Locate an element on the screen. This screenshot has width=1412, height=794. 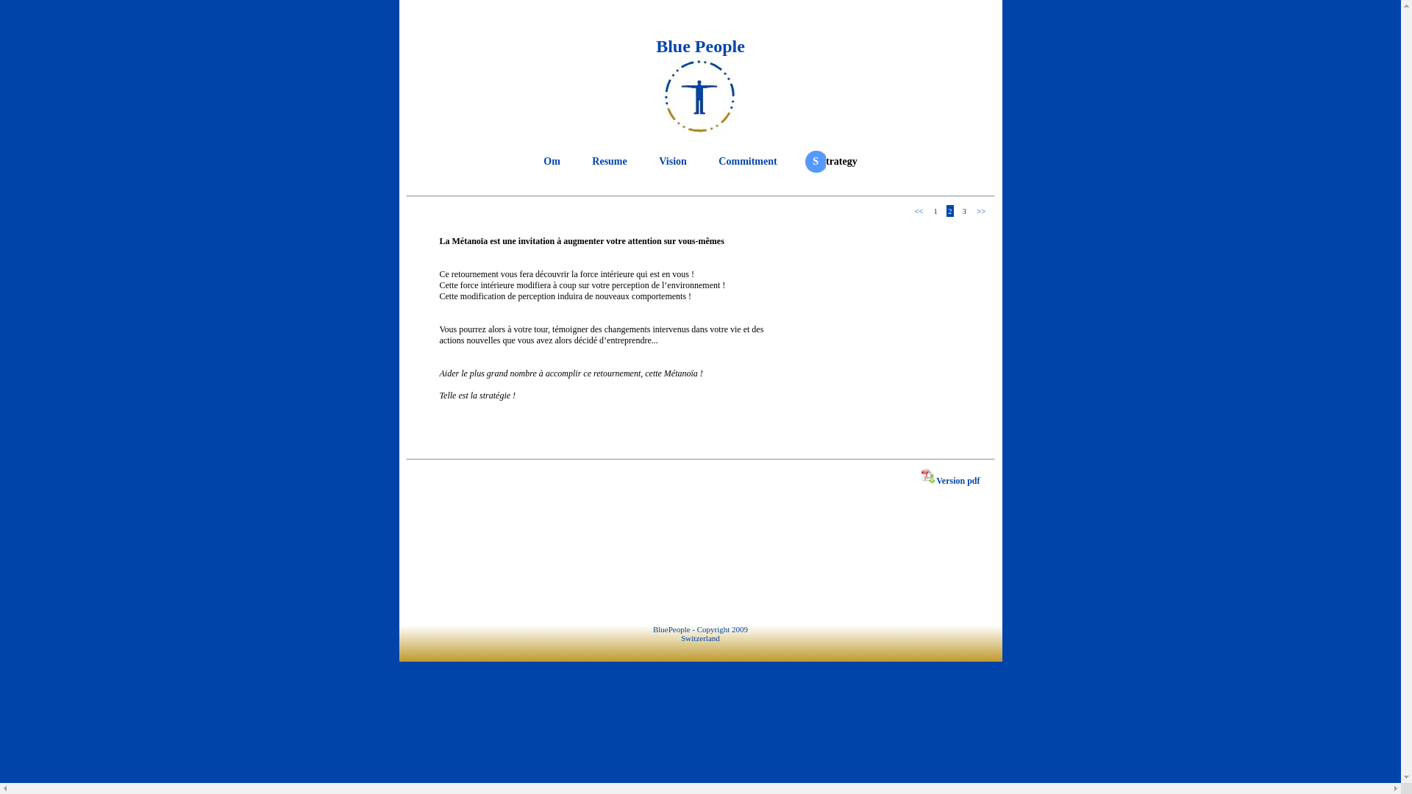
'>>' is located at coordinates (974, 210).